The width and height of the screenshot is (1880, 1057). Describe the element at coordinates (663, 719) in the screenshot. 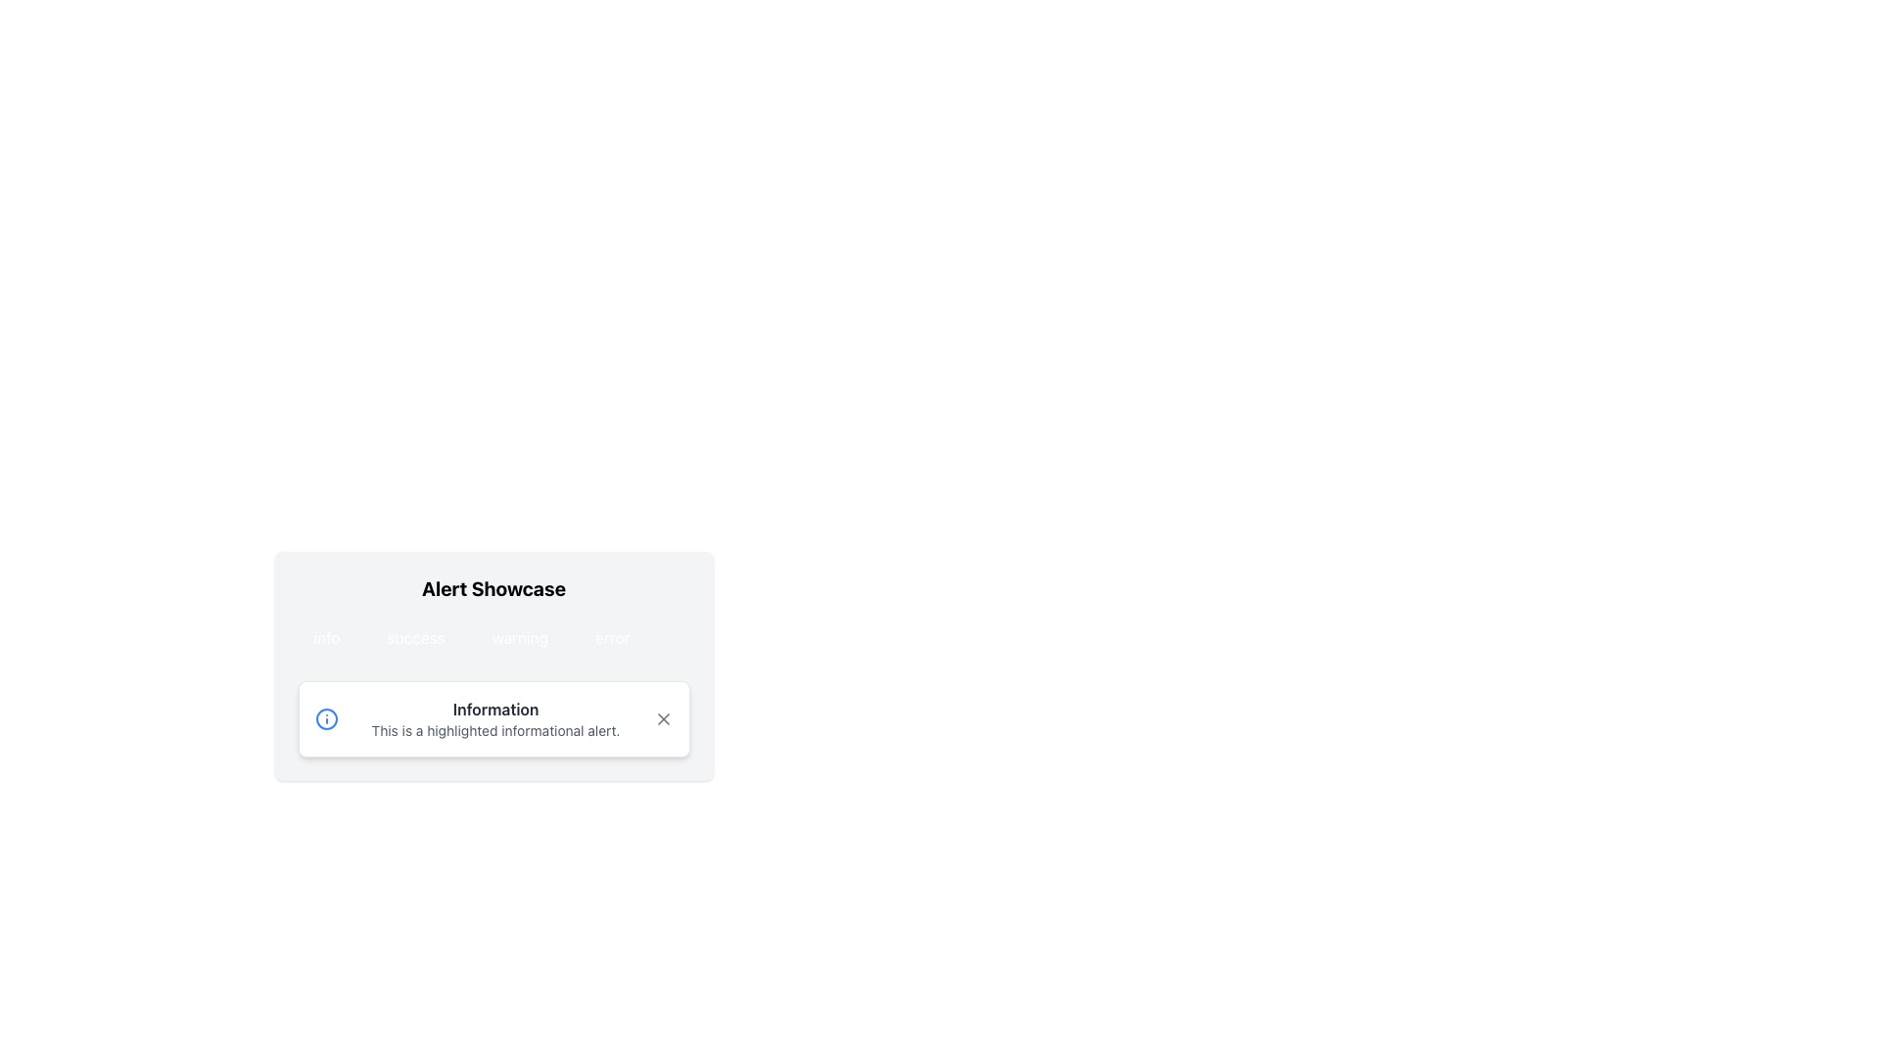

I see `the small square button with a stylized 'X' icon` at that location.